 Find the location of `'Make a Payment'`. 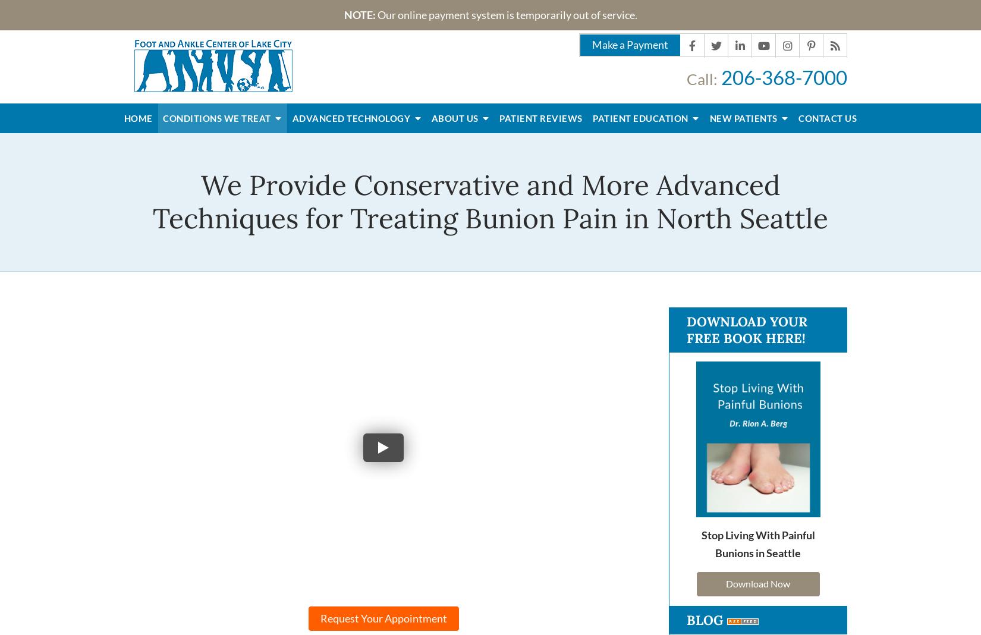

'Make a Payment' is located at coordinates (592, 43).